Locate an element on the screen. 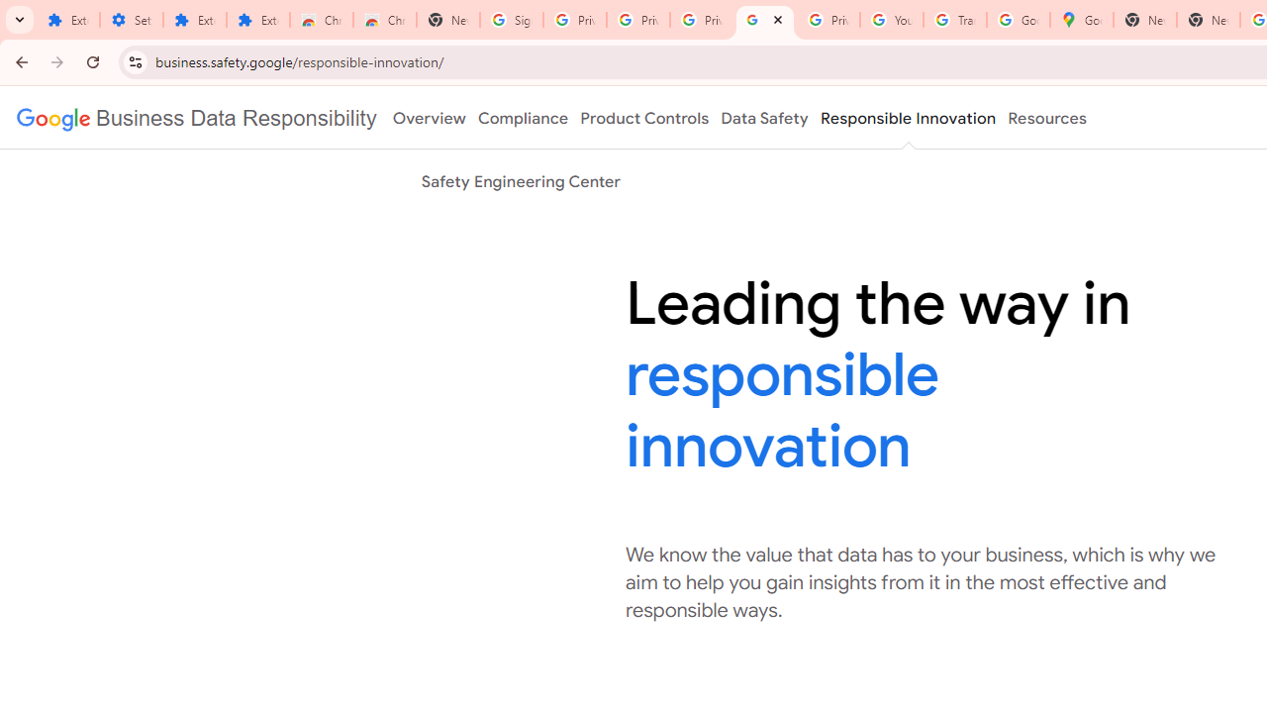 Image resolution: width=1267 pixels, height=713 pixels. 'Compliance' is located at coordinates (523, 118).